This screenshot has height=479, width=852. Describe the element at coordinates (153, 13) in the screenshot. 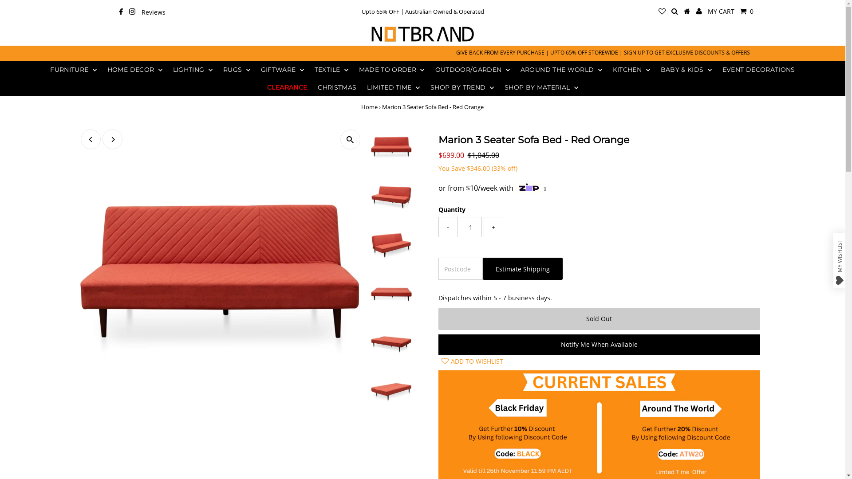

I see `'Reviews'` at that location.